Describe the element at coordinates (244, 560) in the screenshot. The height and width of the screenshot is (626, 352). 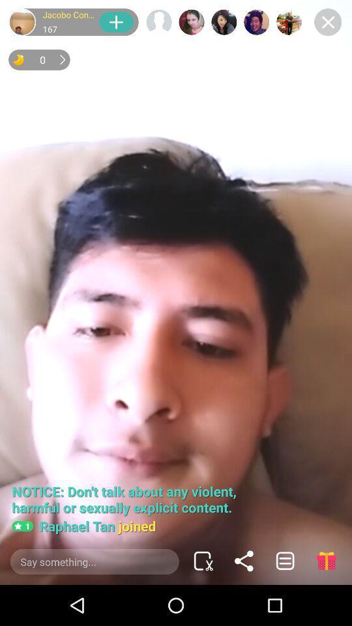
I see `the share icon` at that location.